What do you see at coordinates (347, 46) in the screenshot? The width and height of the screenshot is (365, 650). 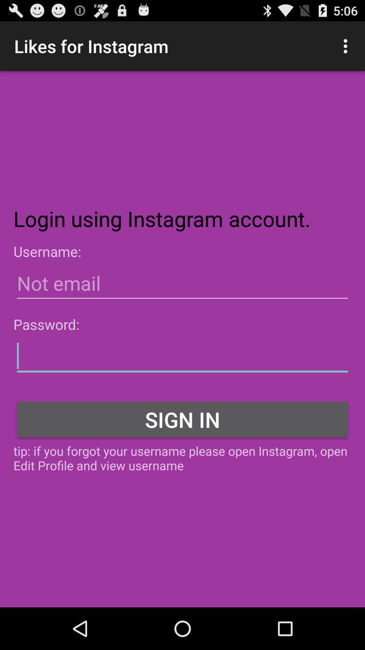 I see `the app to the right of the likes for instagram icon` at bounding box center [347, 46].